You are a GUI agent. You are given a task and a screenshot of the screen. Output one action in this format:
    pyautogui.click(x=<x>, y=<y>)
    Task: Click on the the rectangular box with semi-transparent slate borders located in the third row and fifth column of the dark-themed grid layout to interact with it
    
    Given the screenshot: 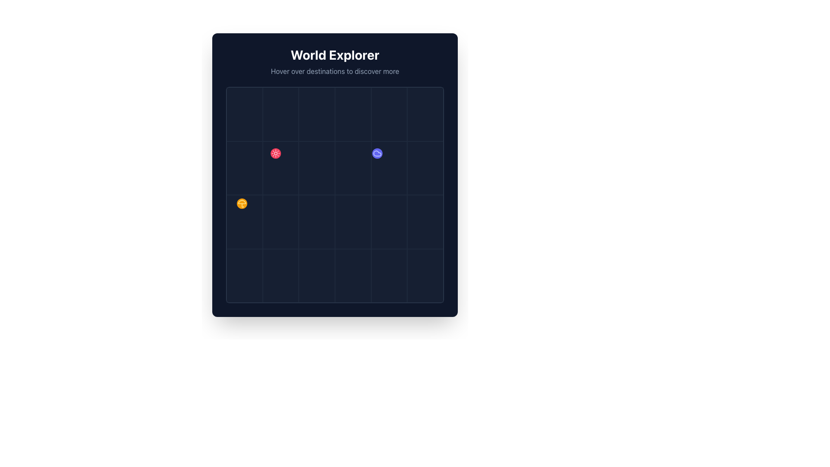 What is the action you would take?
    pyautogui.click(x=389, y=221)
    